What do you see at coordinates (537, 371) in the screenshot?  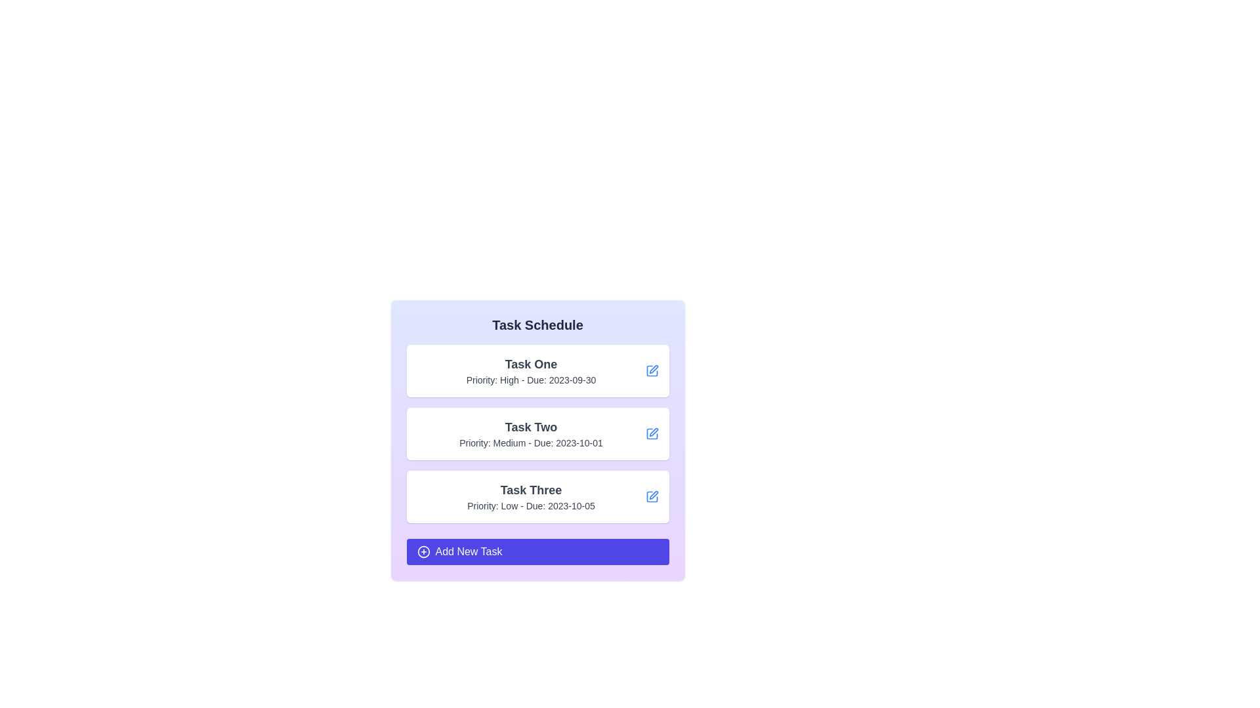 I see `the task item Task One to highlight it` at bounding box center [537, 371].